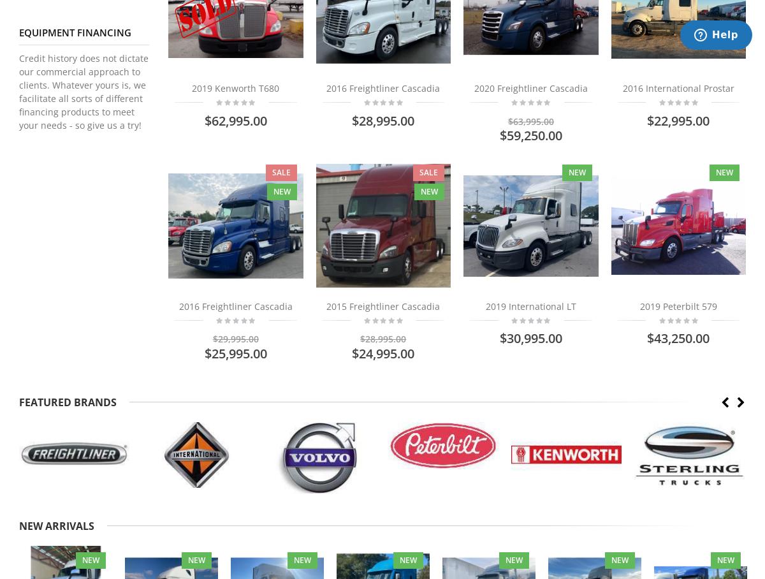  What do you see at coordinates (33, 27) in the screenshot?
I see `'Illinois (IL);'` at bounding box center [33, 27].